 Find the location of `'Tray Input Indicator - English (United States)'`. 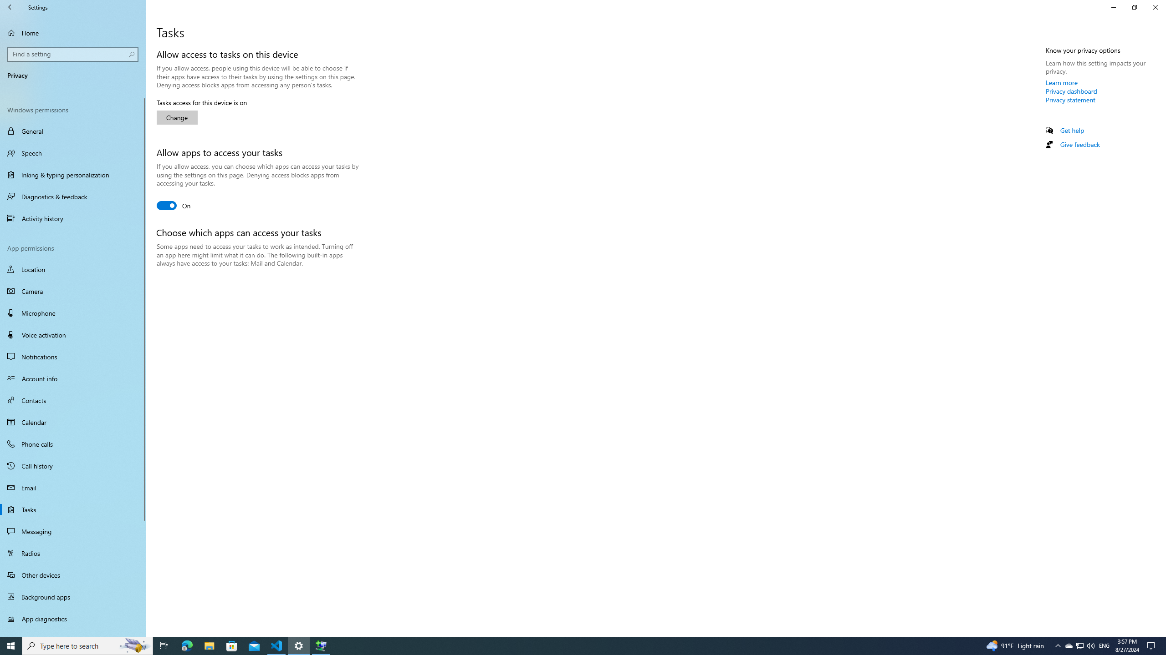

'Tray Input Indicator - English (United States)' is located at coordinates (1104, 645).